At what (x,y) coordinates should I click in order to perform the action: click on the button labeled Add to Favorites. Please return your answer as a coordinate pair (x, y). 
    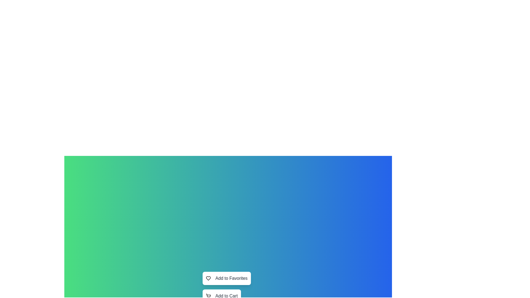
    Looking at the image, I should click on (227, 278).